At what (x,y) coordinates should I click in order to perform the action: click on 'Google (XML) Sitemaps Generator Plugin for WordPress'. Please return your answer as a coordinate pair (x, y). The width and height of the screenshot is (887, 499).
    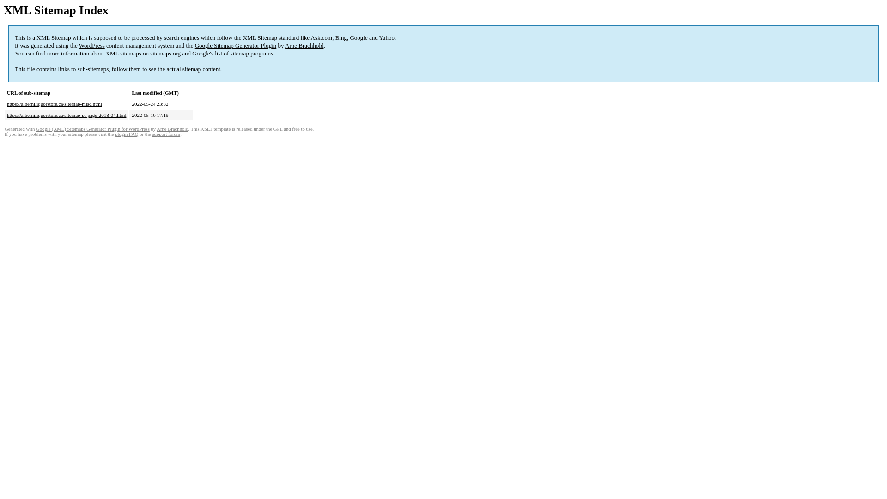
    Looking at the image, I should click on (93, 129).